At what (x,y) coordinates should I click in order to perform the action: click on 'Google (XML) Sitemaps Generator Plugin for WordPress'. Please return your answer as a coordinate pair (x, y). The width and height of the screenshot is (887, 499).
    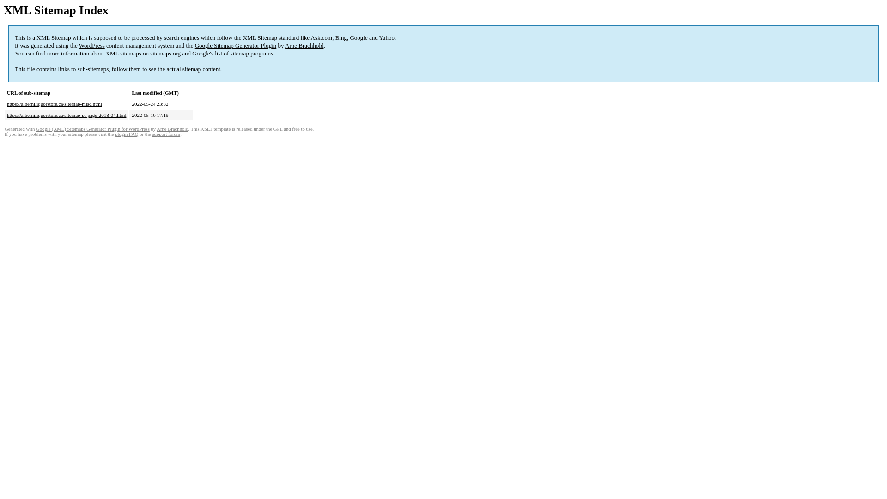
    Looking at the image, I should click on (93, 129).